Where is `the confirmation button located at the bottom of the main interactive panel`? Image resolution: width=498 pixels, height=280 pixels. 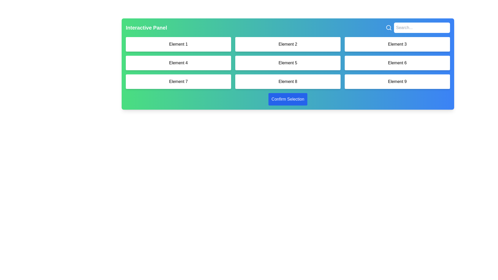
the confirmation button located at the bottom of the main interactive panel is located at coordinates (287, 99).